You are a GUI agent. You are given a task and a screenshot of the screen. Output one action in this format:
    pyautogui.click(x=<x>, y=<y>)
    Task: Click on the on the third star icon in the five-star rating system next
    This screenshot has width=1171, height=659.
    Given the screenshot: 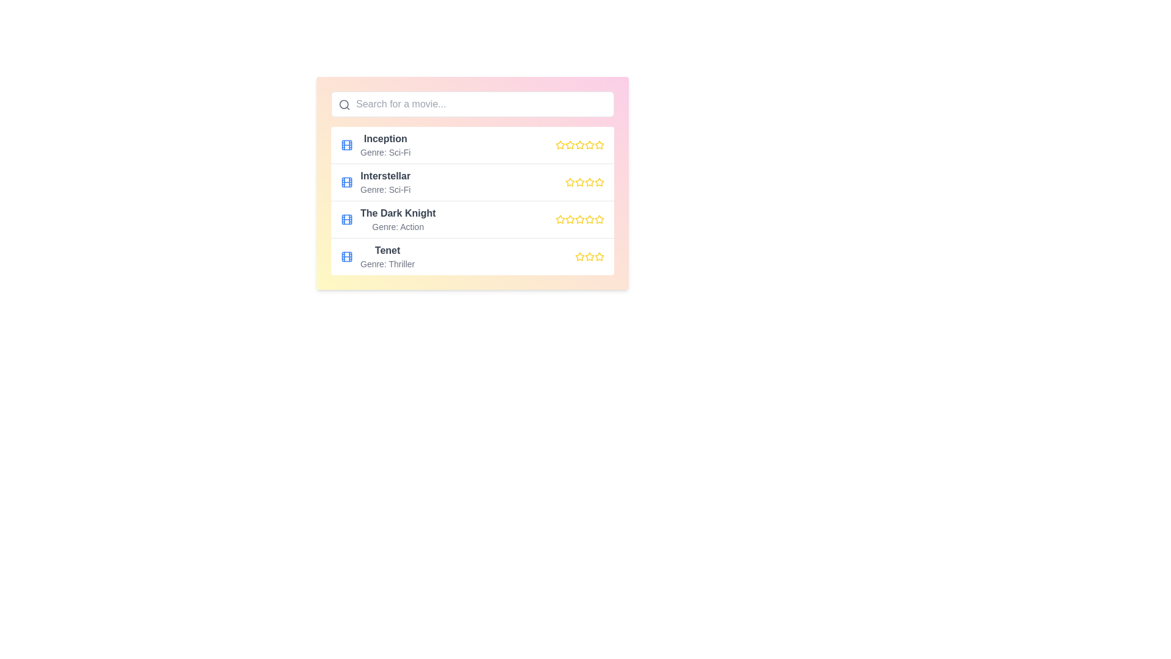 What is the action you would take?
    pyautogui.click(x=570, y=218)
    